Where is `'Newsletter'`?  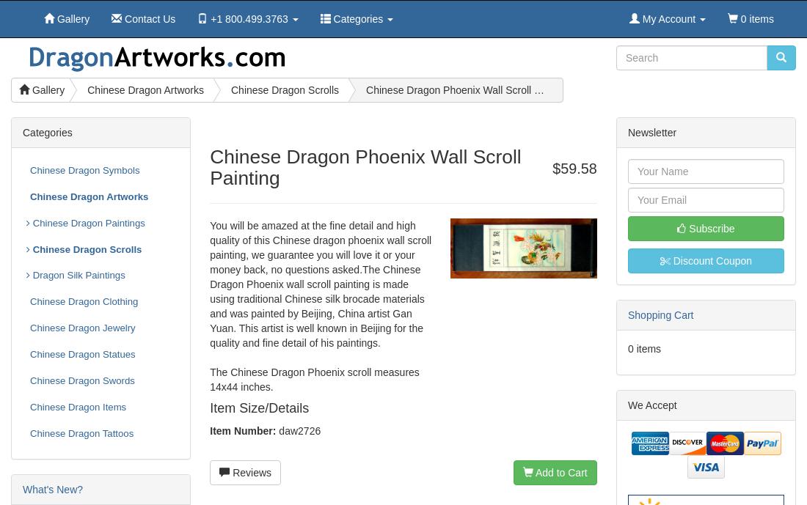 'Newsletter' is located at coordinates (651, 132).